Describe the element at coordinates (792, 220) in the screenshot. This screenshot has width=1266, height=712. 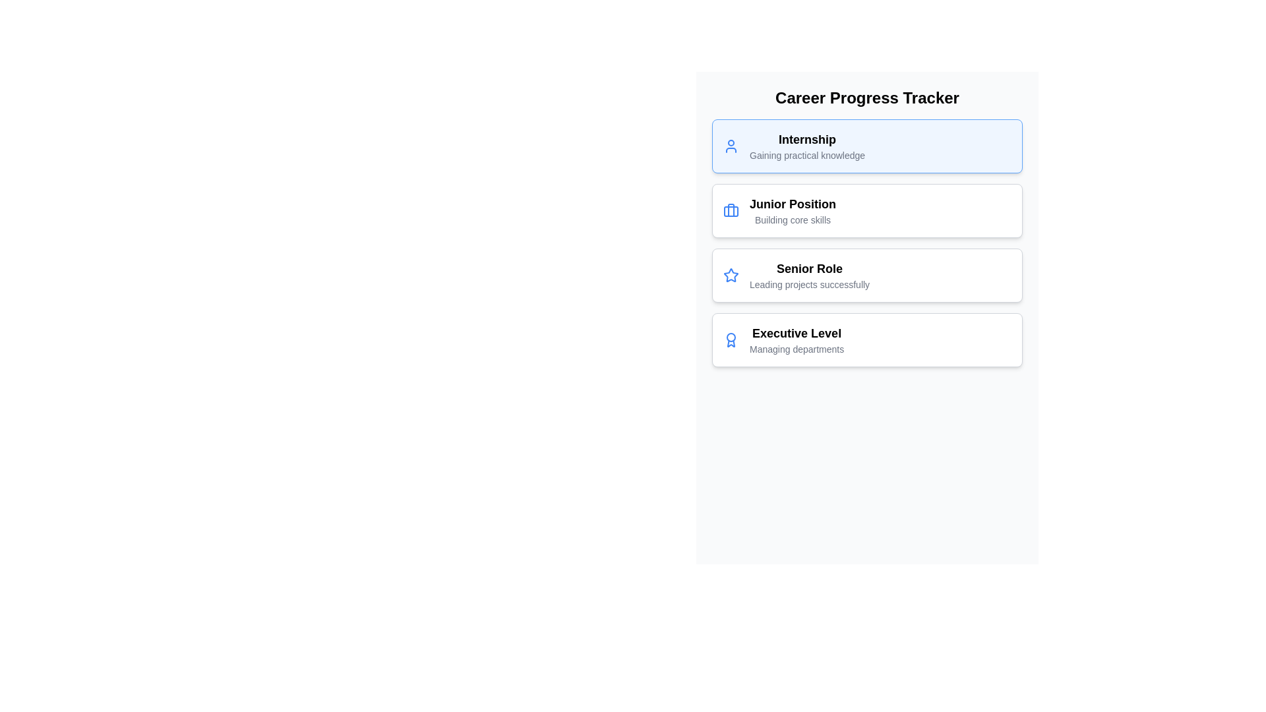
I see `the textual label displaying 'Building core skills' which is located under the bolded title 'Junior Position' in the second card from the top` at that location.